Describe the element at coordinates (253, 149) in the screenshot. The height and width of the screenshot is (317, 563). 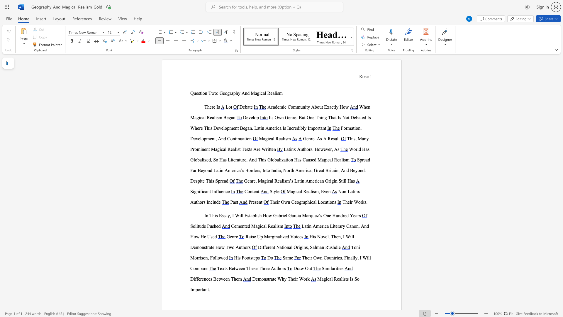
I see `the subset text "Are" within the text "This, Many Prominent Magical Realist Texts Are Written"` at that location.